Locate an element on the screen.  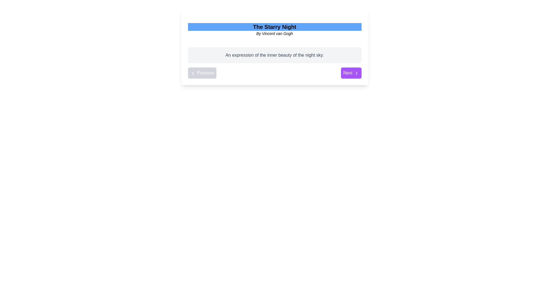
the right-pointing chevron arrow icon within the purple 'Next' button located at the bottom-right corner of the main content box is located at coordinates (356, 73).